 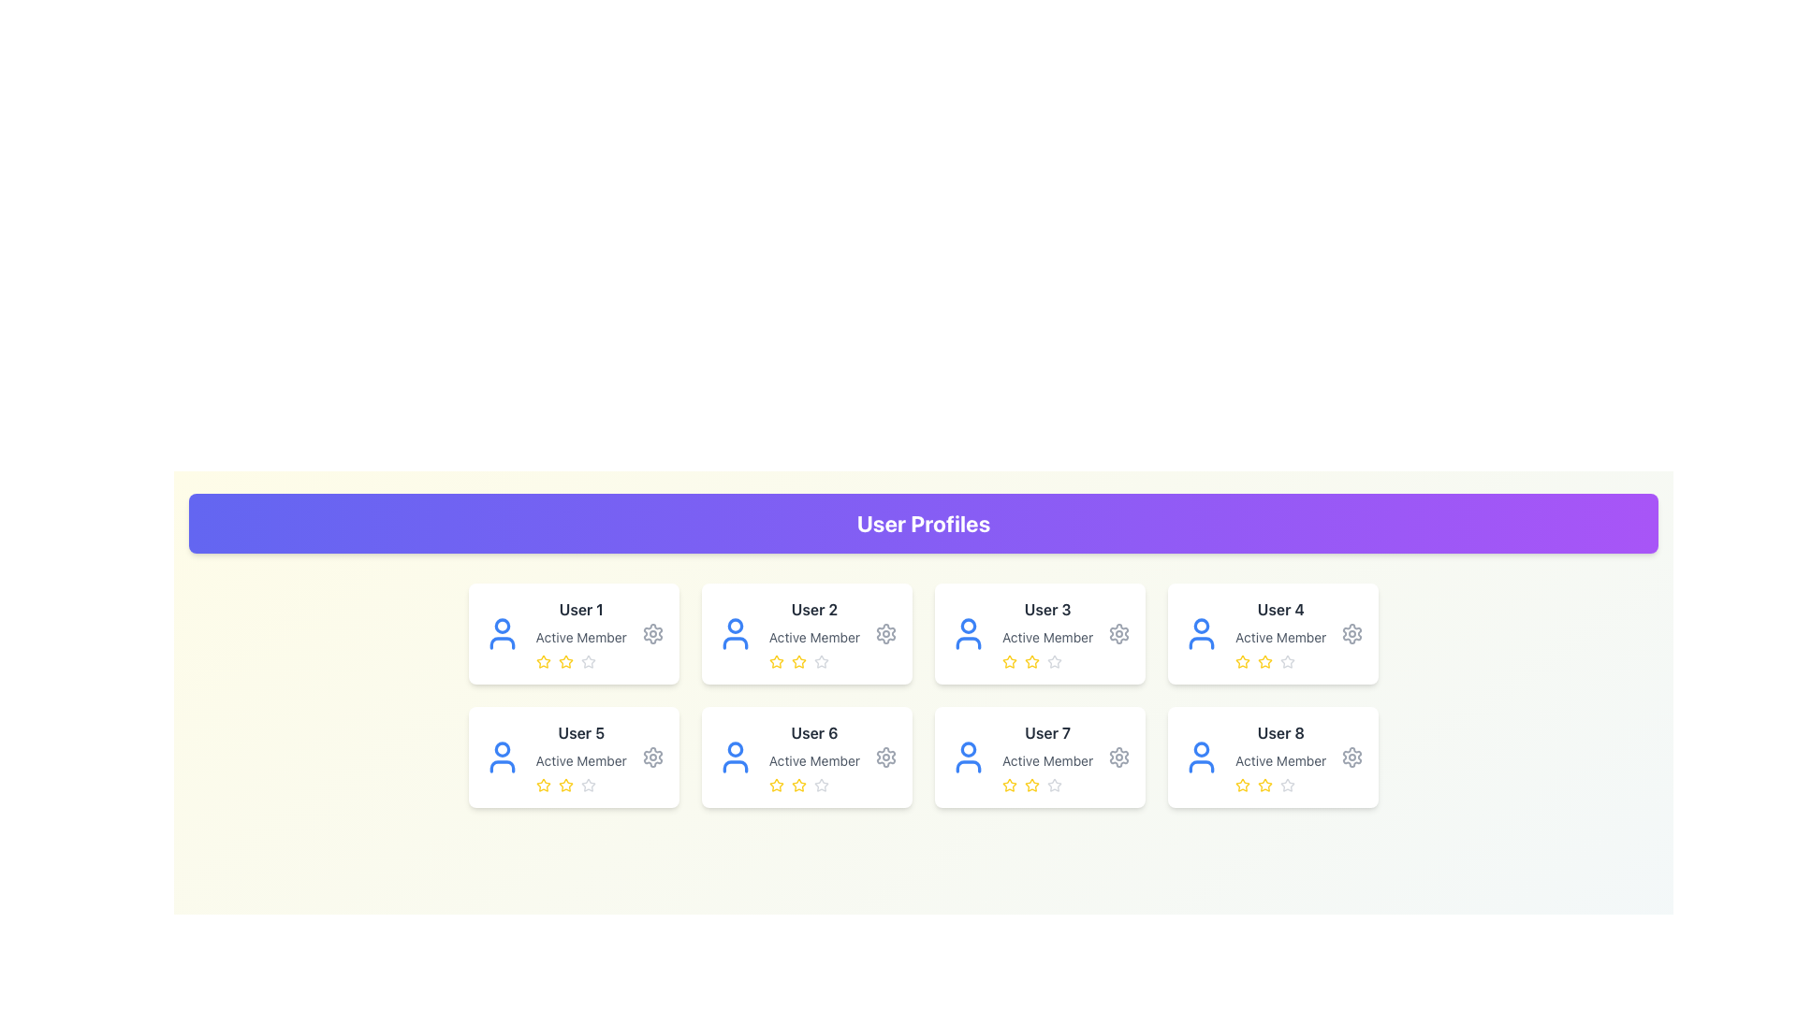 What do you see at coordinates (580, 633) in the screenshot?
I see `the 'User 1' card element, which contains the title 'User 1' and the label 'Active Member' above the star rating icons, located in the top-left card of the 'User Profiles' grid layout` at bounding box center [580, 633].